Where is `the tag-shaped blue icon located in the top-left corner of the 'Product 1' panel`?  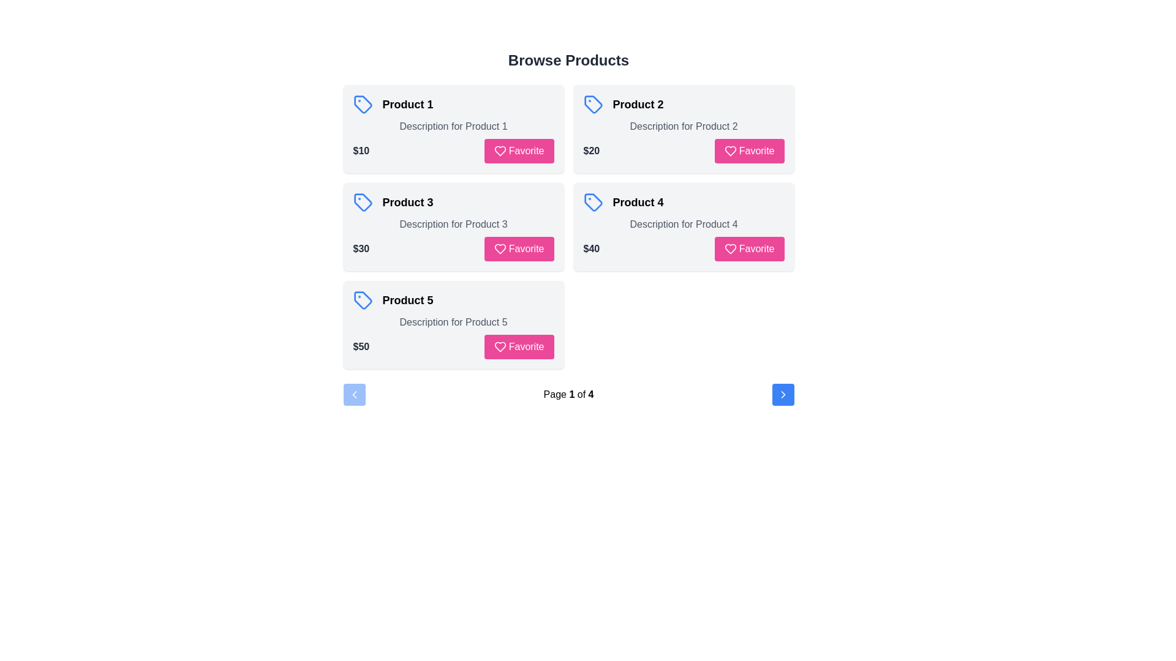 the tag-shaped blue icon located in the top-left corner of the 'Product 1' panel is located at coordinates (362, 103).